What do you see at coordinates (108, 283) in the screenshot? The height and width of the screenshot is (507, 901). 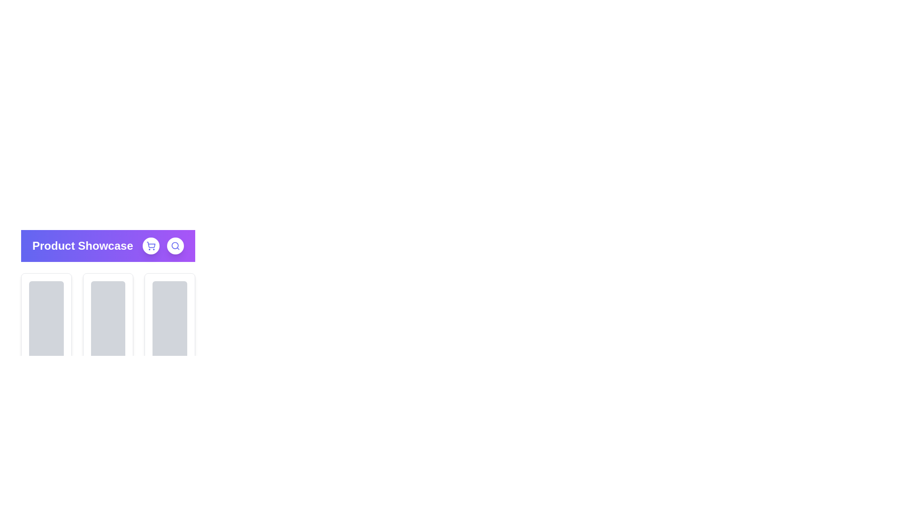 I see `the Product Card element, which is the second card in a row of three, featuring a light gray placeholder and rounded corners` at bounding box center [108, 283].